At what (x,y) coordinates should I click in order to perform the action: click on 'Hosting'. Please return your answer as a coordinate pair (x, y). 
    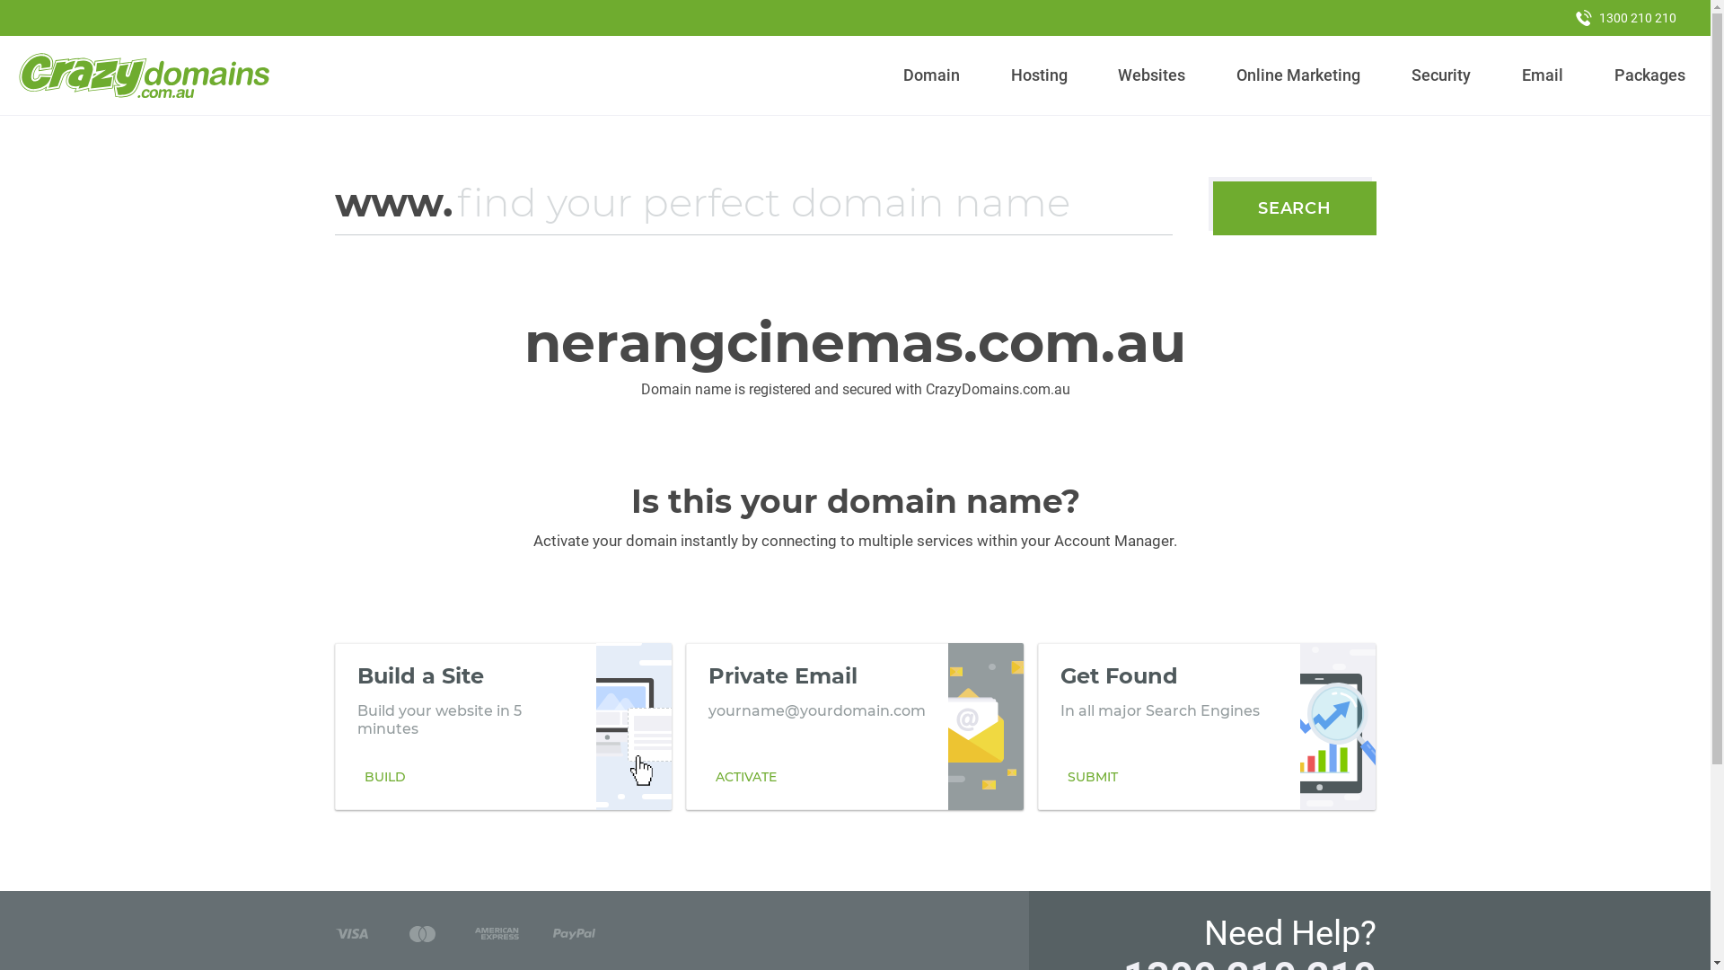
    Looking at the image, I should click on (1002, 75).